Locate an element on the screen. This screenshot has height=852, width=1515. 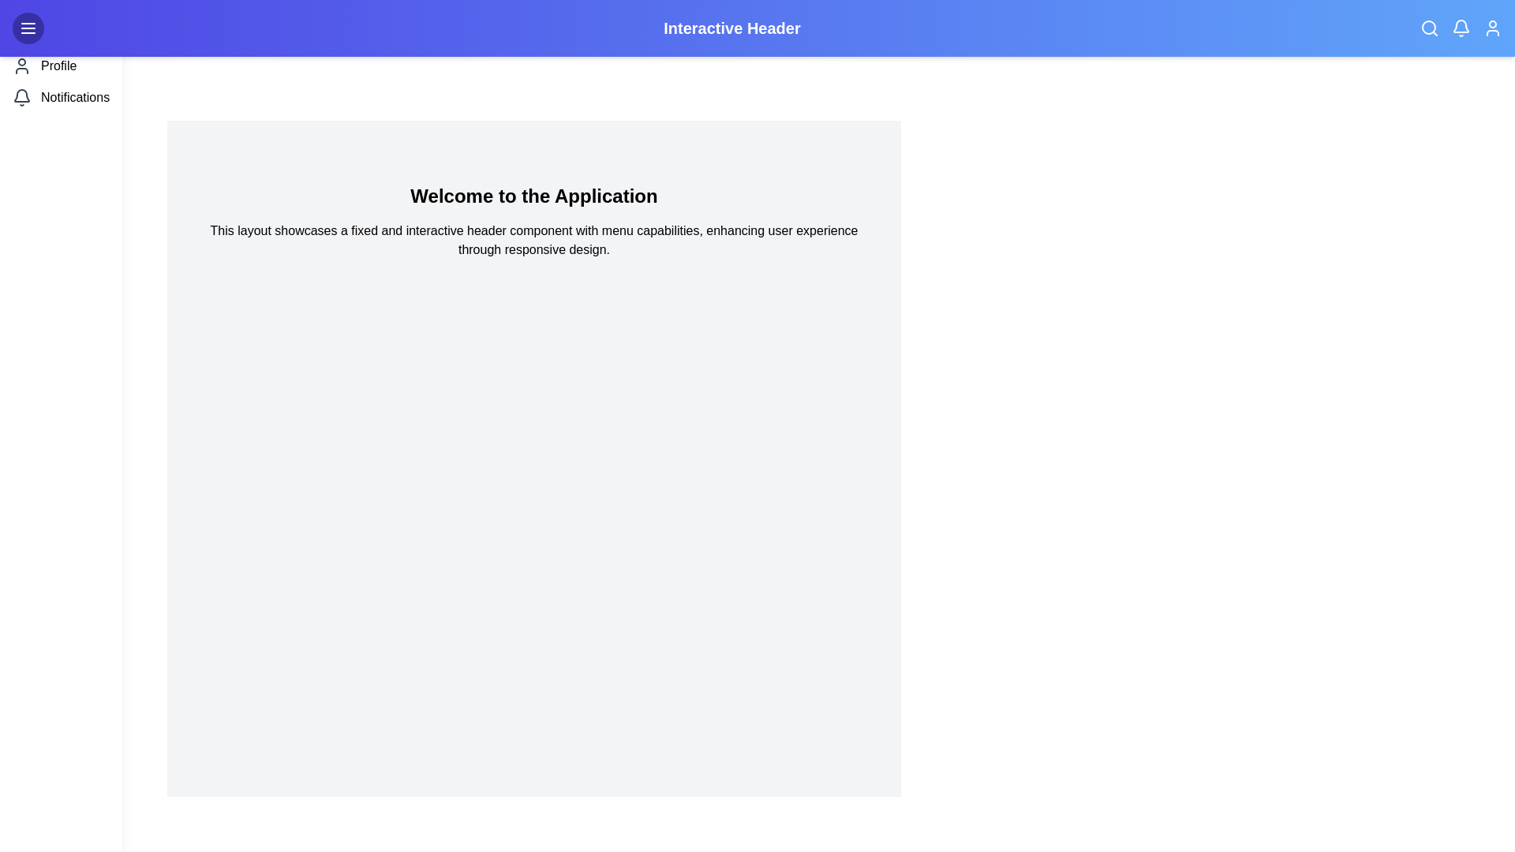
the bell icon located at the rightmost side of the top navigation bar is located at coordinates (22, 95).